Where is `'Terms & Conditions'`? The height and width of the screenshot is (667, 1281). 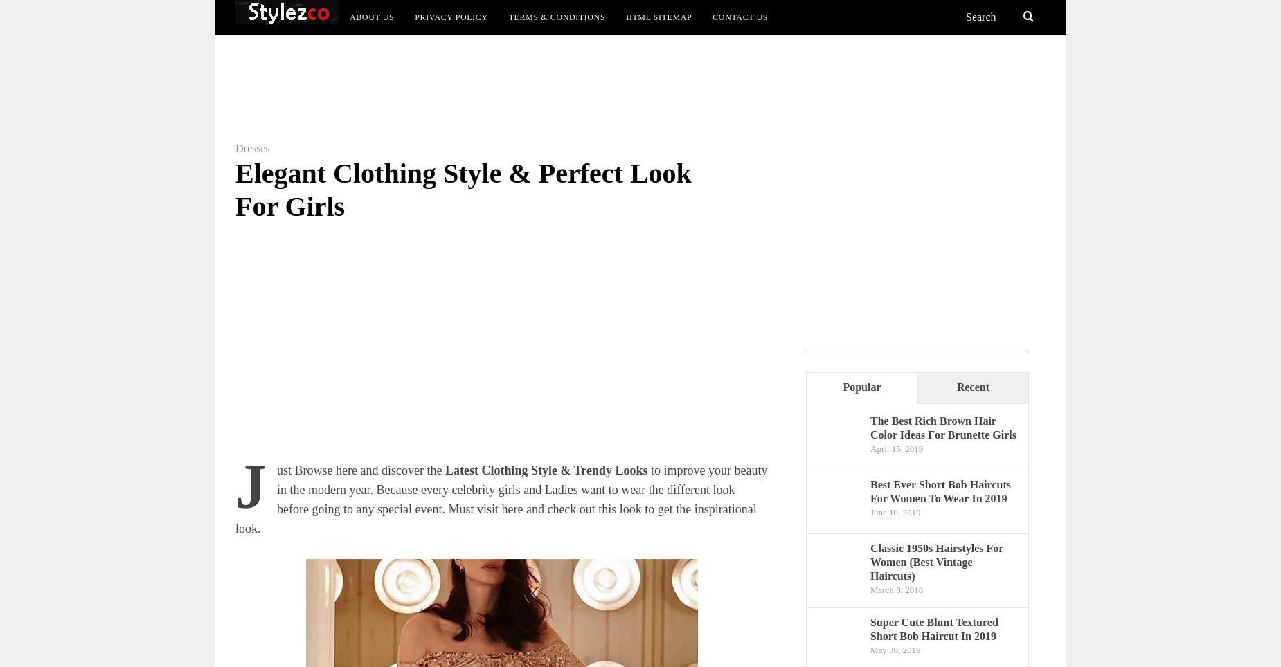
'Terms & Conditions' is located at coordinates (557, 16).